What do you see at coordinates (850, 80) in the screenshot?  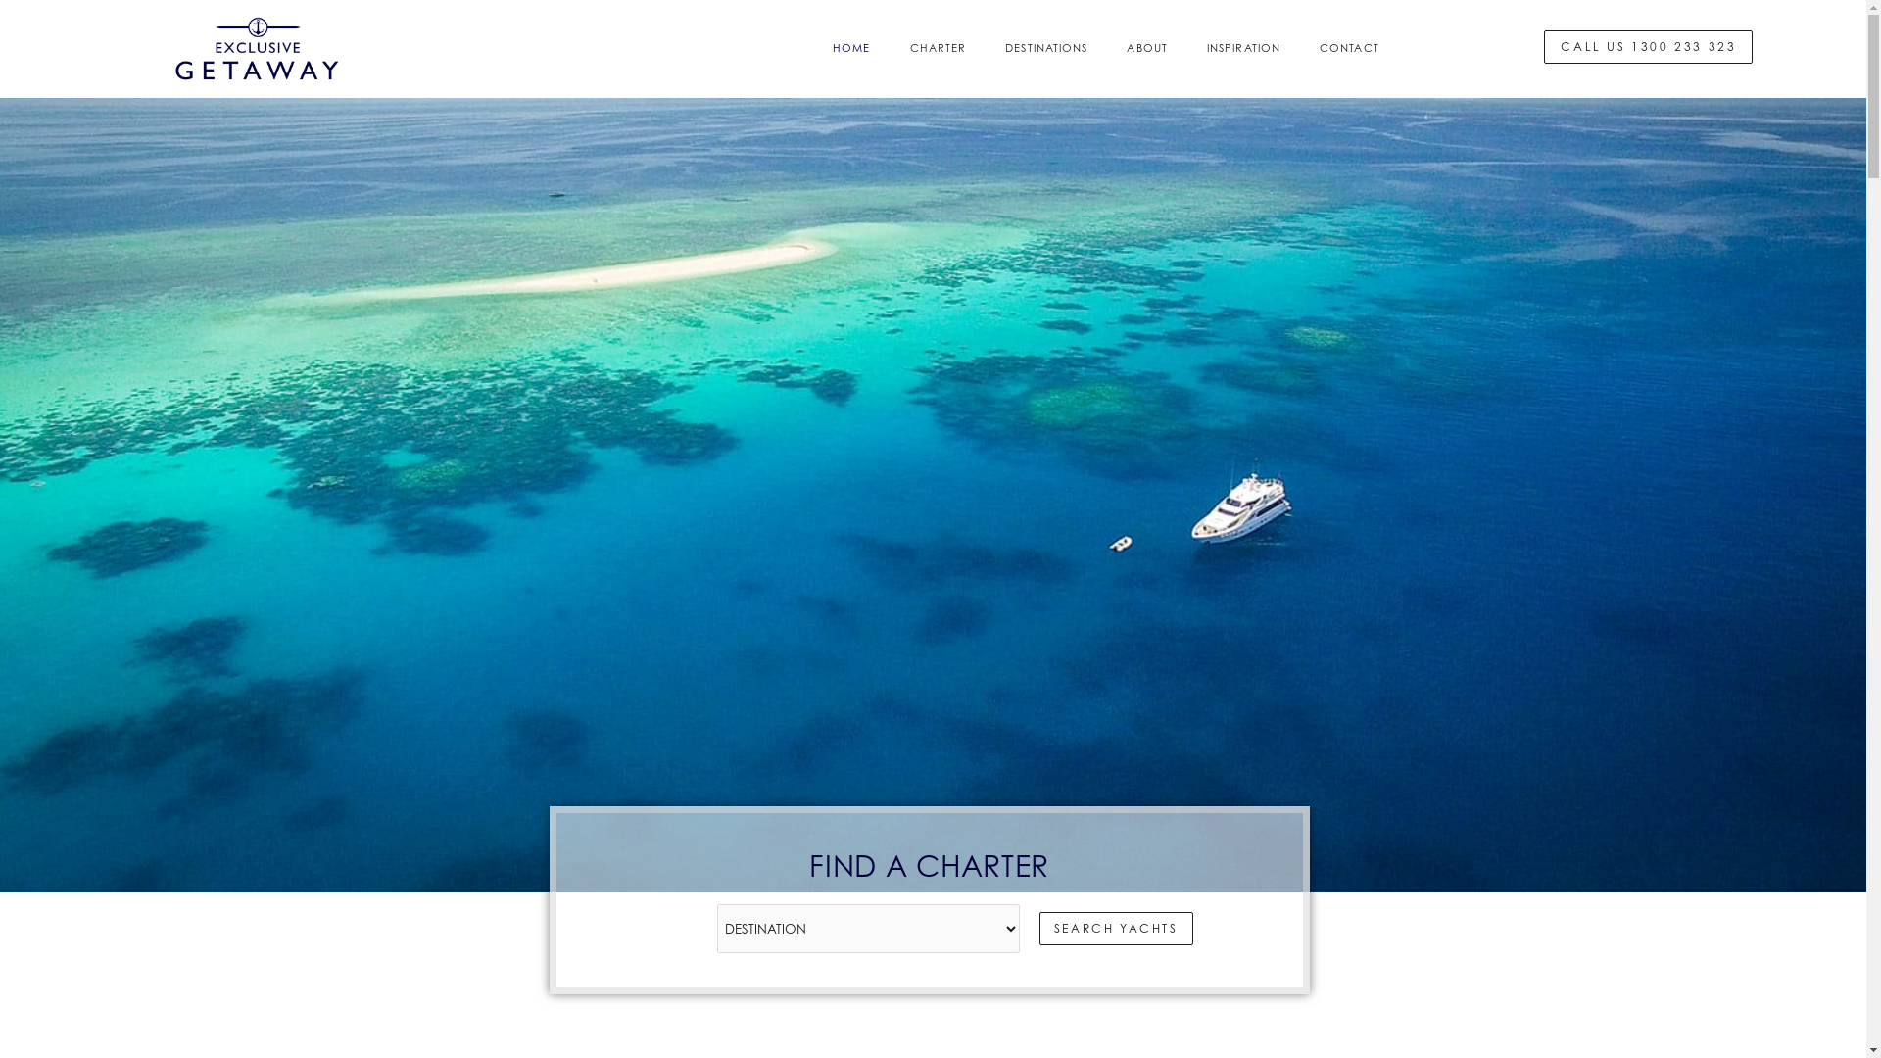 I see `'HOME'` at bounding box center [850, 80].